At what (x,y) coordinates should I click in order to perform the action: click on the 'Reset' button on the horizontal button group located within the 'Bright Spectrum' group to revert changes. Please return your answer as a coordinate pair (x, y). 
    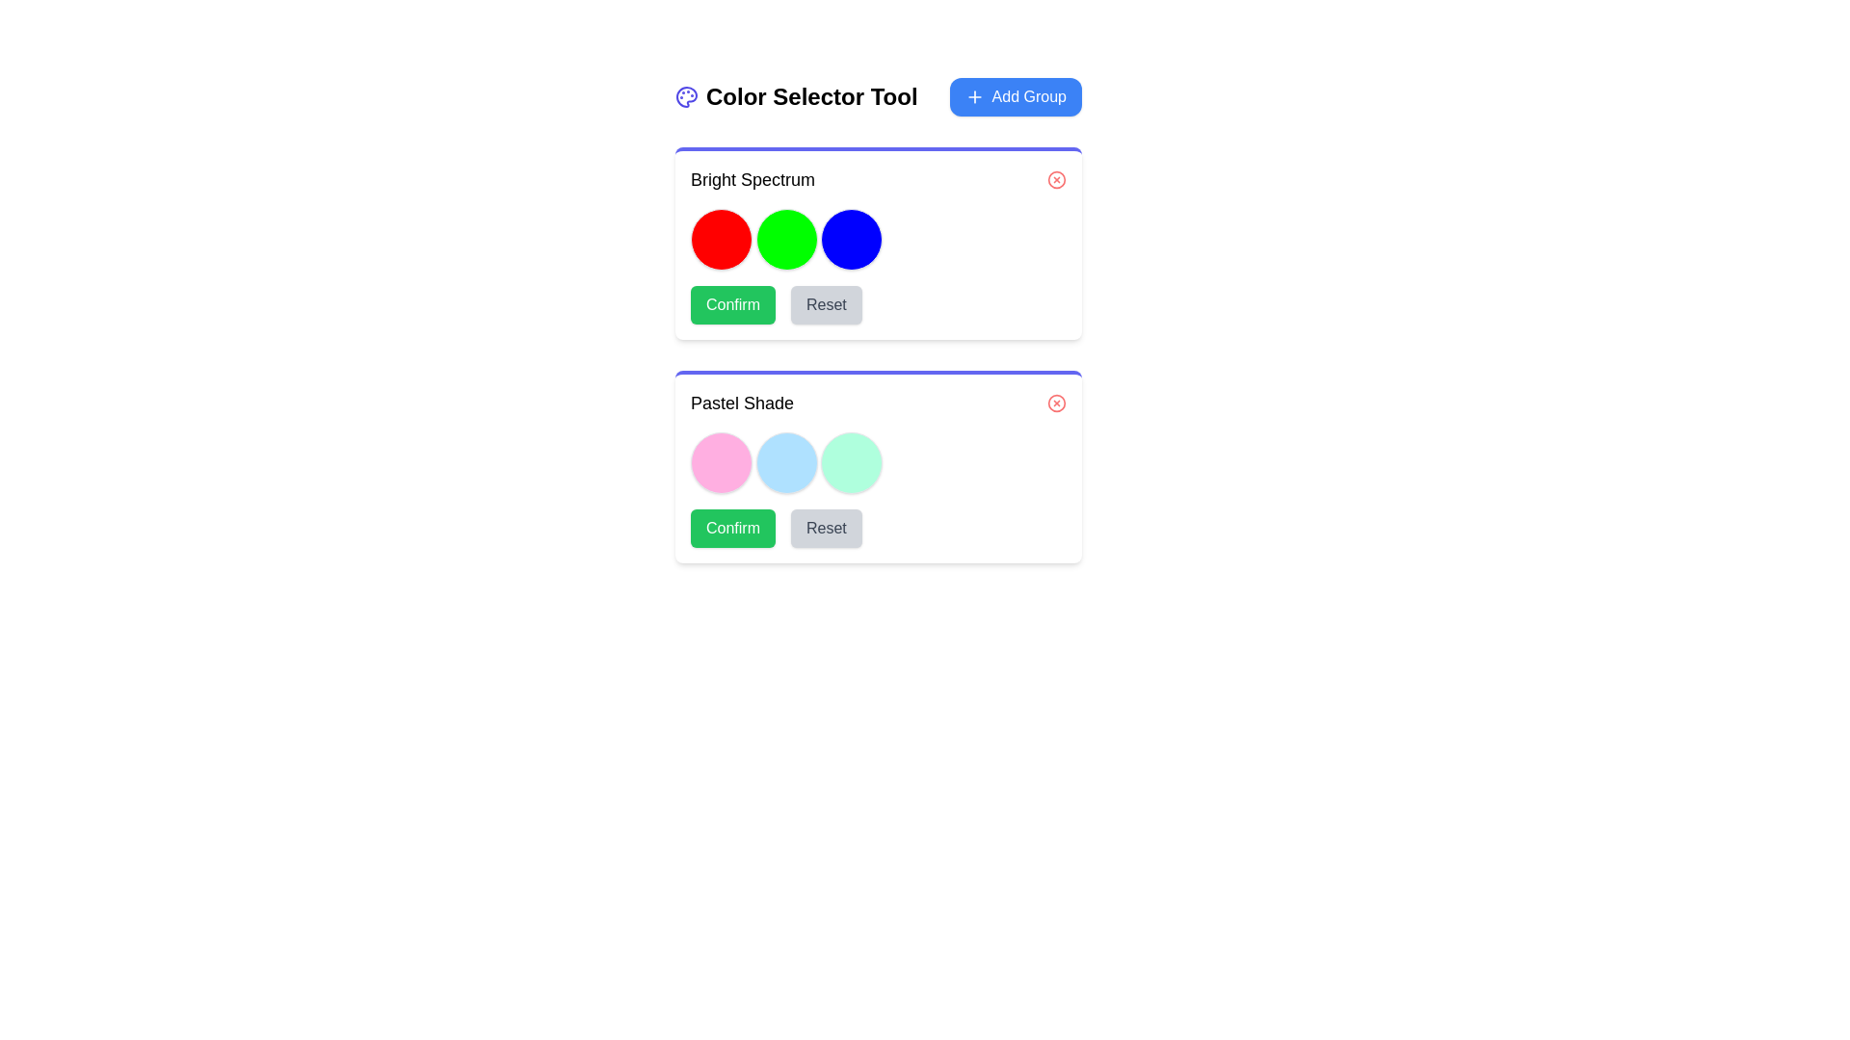
    Looking at the image, I should click on (878, 303).